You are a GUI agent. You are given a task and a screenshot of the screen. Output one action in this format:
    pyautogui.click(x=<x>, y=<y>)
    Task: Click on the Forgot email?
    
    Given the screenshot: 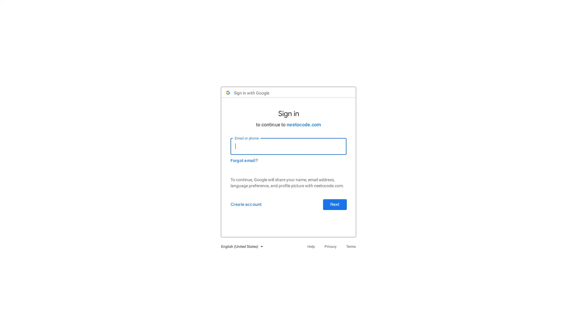 What is the action you would take?
    pyautogui.click(x=247, y=164)
    